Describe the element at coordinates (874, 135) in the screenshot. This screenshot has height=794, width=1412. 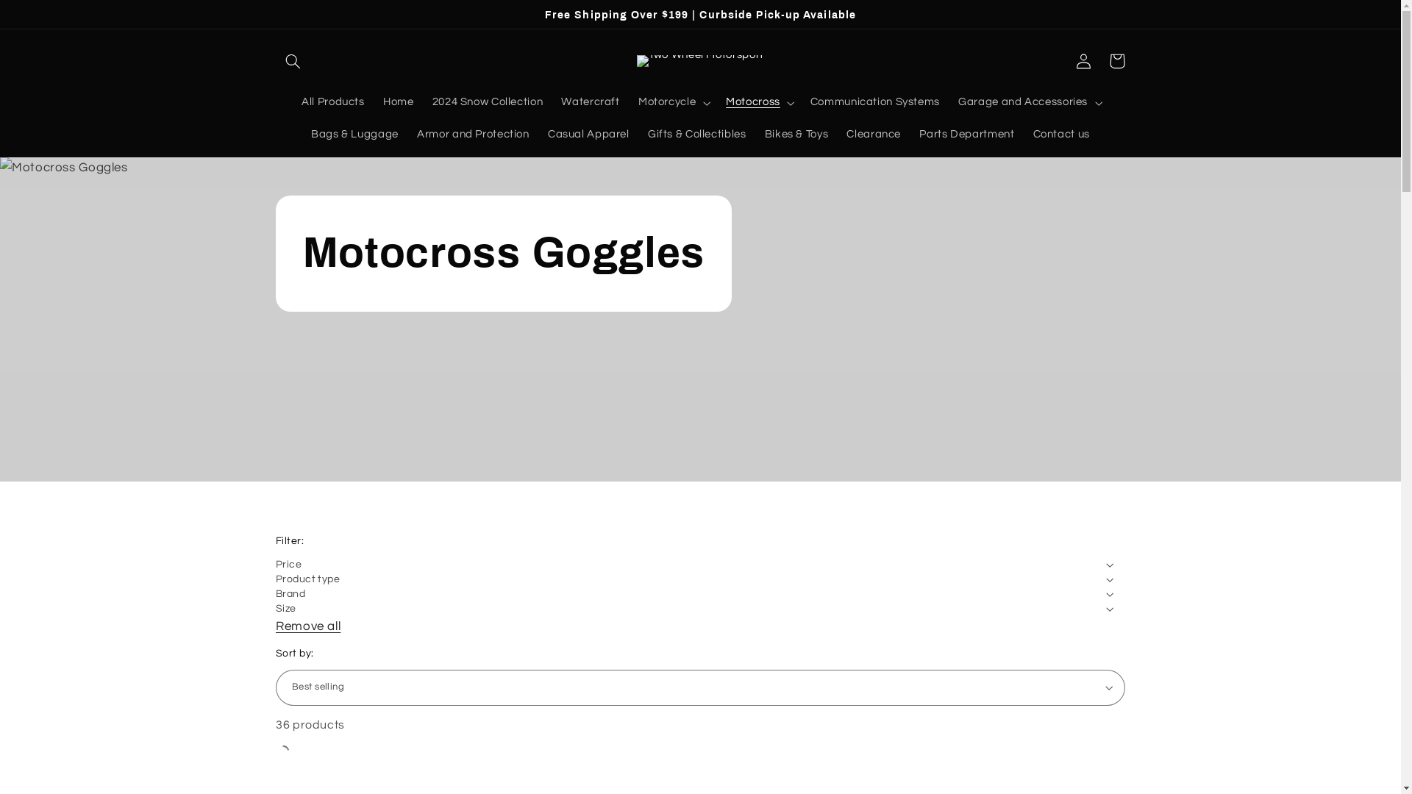
I see `'Clearance'` at that location.